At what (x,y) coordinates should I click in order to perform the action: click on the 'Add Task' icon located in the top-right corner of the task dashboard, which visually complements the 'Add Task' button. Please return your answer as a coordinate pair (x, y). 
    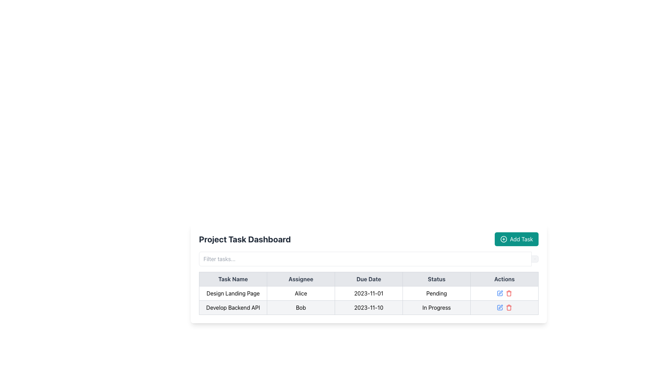
    Looking at the image, I should click on (503, 239).